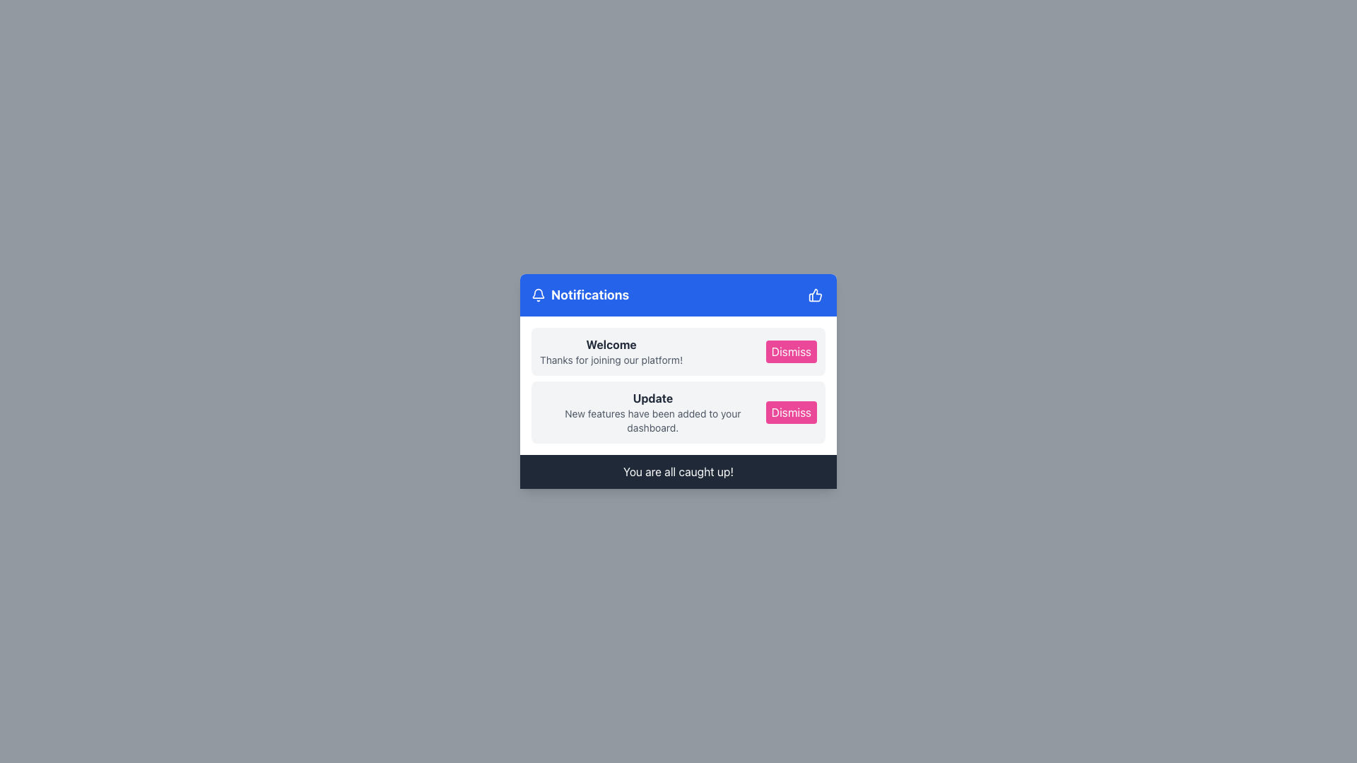 The height and width of the screenshot is (763, 1357). Describe the element at coordinates (814, 294) in the screenshot. I see `the blue thumbs-up icon located in the upper-right corner of the notification module's header as part of a broader component` at that location.